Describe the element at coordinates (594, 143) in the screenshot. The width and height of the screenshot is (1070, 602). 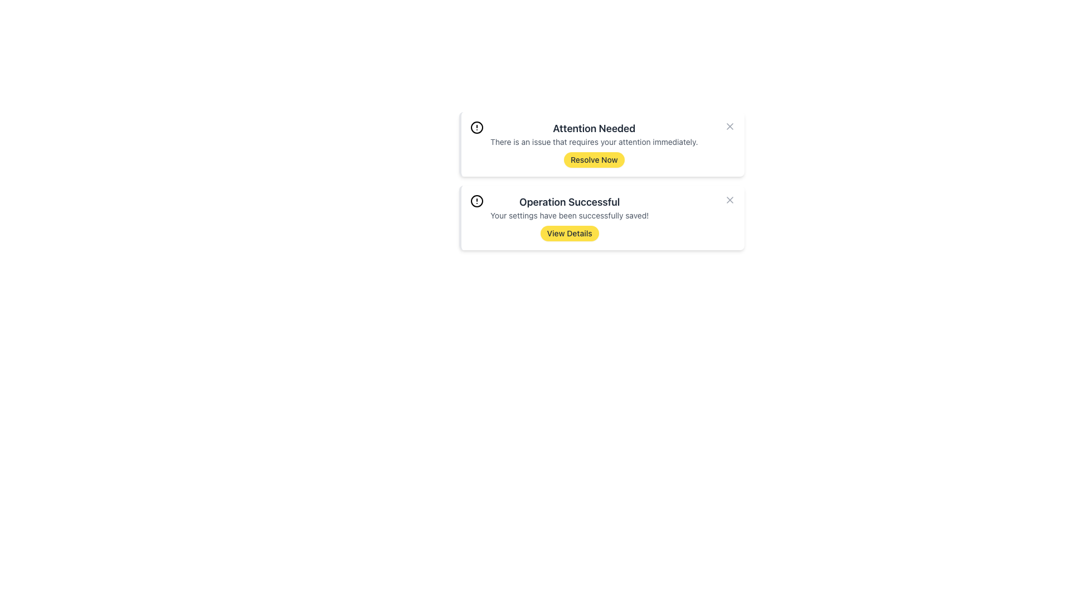
I see `the 'Resolve Now' button in the 'Attention Needed' notification, which is the first item in the vertical list of notifications, to resolve the issue` at that location.